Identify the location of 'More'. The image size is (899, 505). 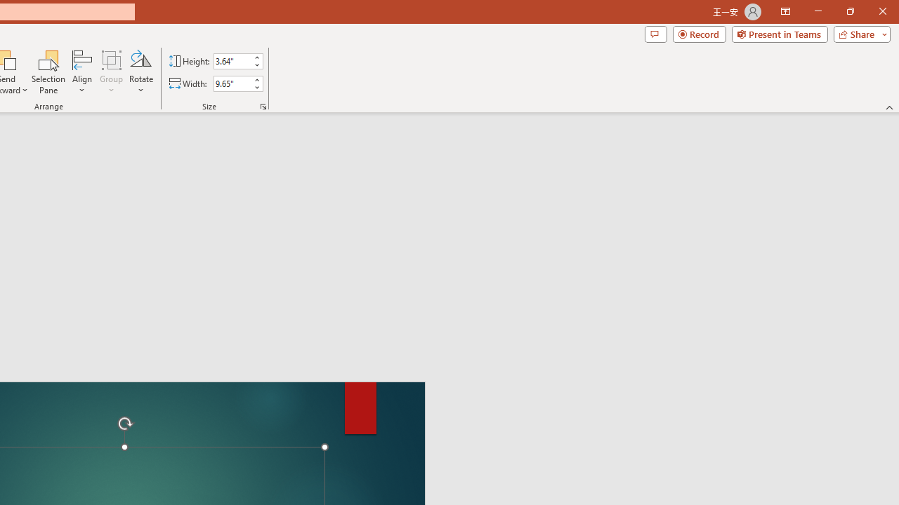
(256, 79).